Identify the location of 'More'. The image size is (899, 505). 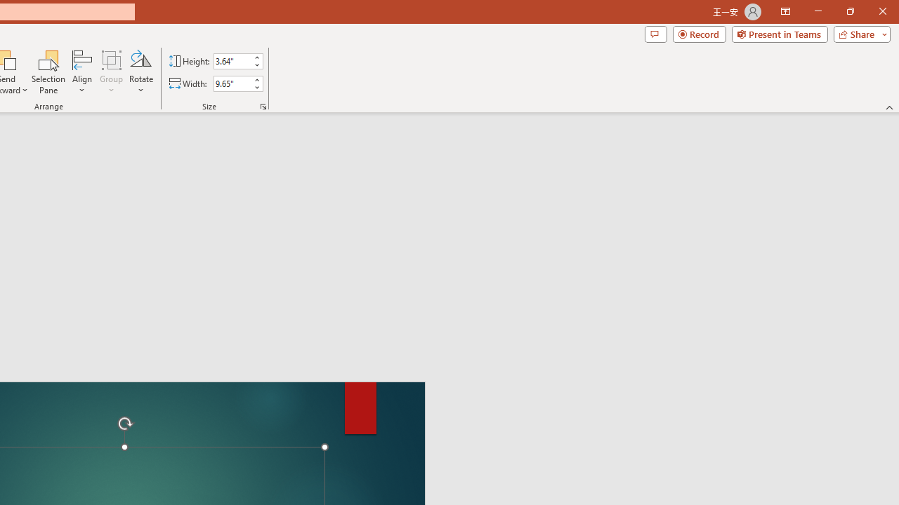
(256, 79).